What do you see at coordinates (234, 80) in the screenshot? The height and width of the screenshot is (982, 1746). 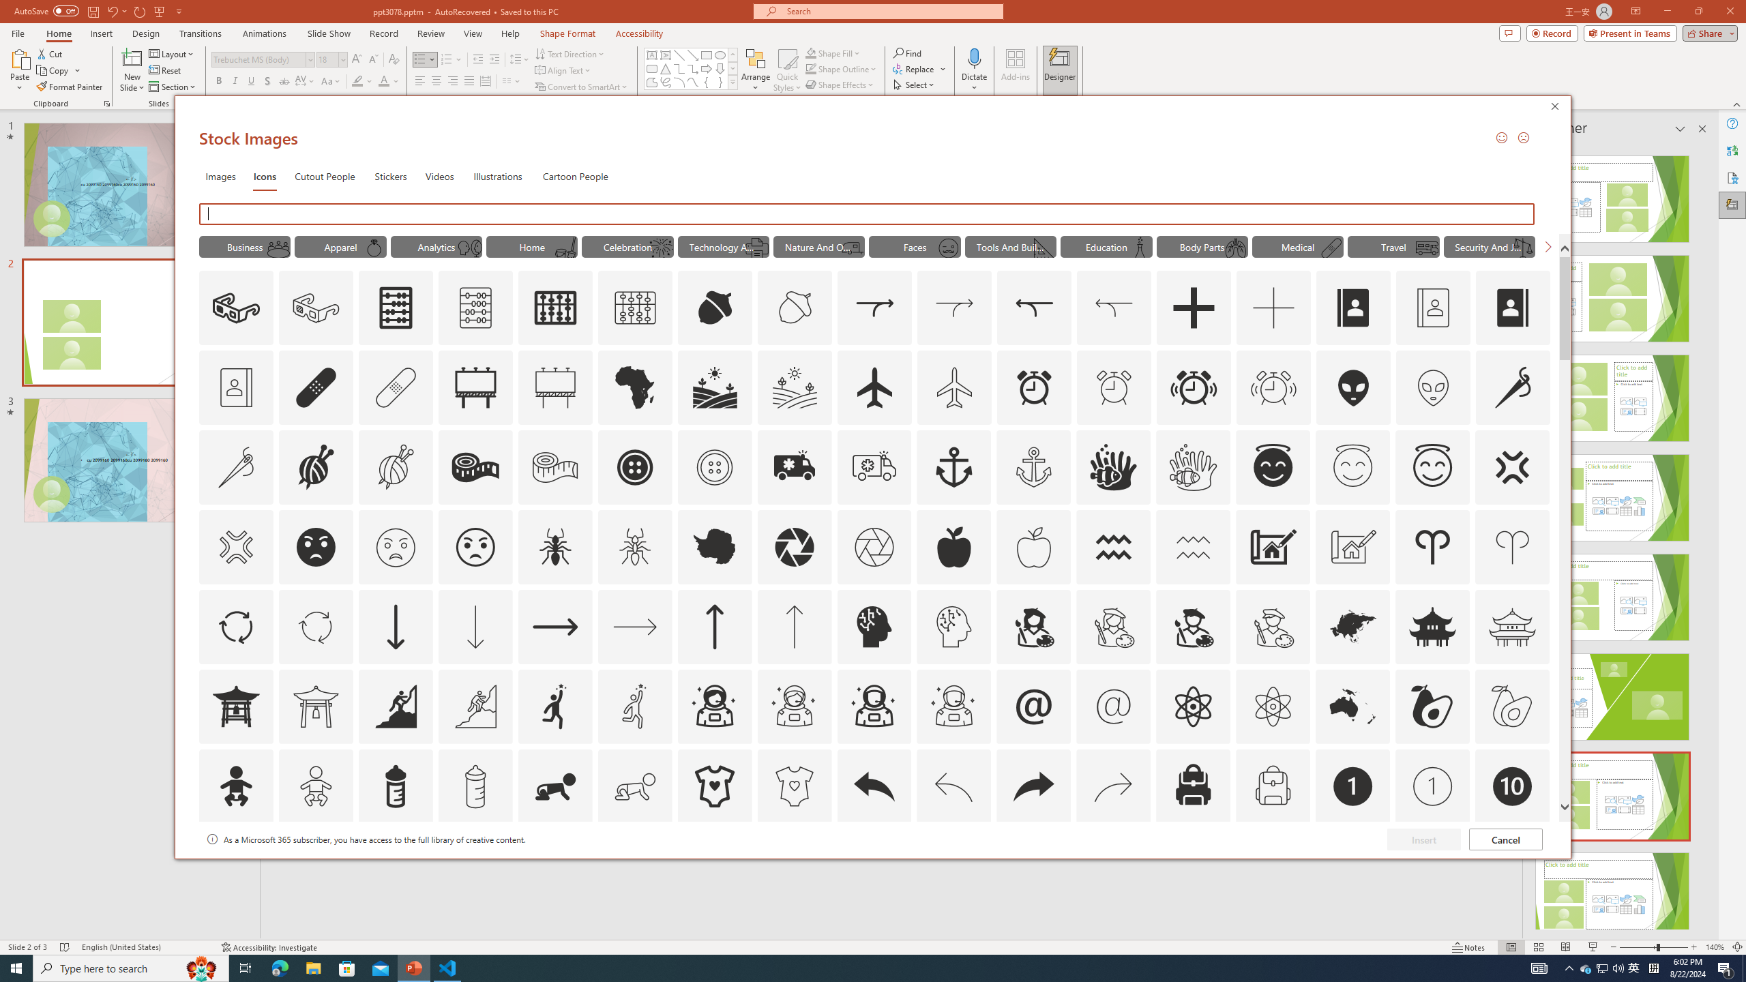 I see `'Italic'` at bounding box center [234, 80].